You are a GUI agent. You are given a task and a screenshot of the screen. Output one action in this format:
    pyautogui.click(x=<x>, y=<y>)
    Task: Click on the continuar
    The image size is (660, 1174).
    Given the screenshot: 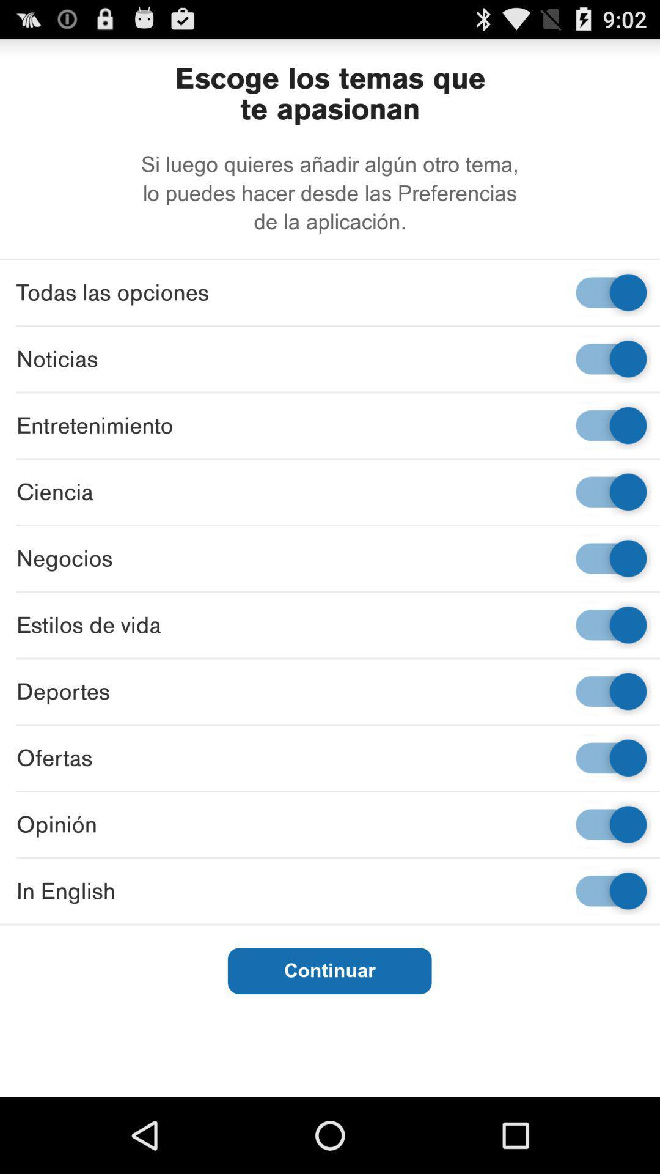 What is the action you would take?
    pyautogui.click(x=329, y=970)
    